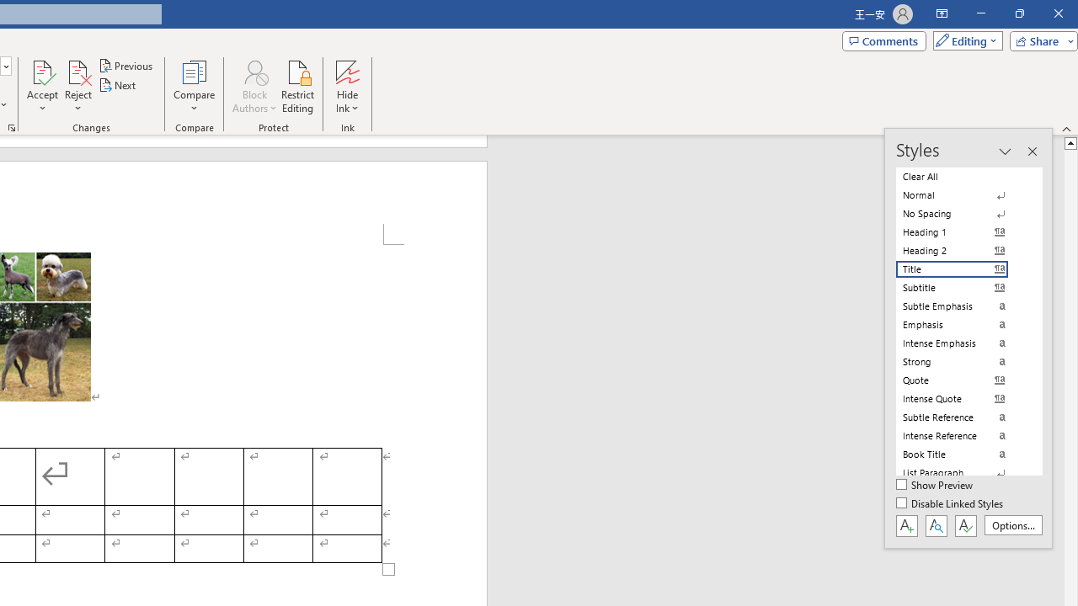  I want to click on 'Quote', so click(962, 380).